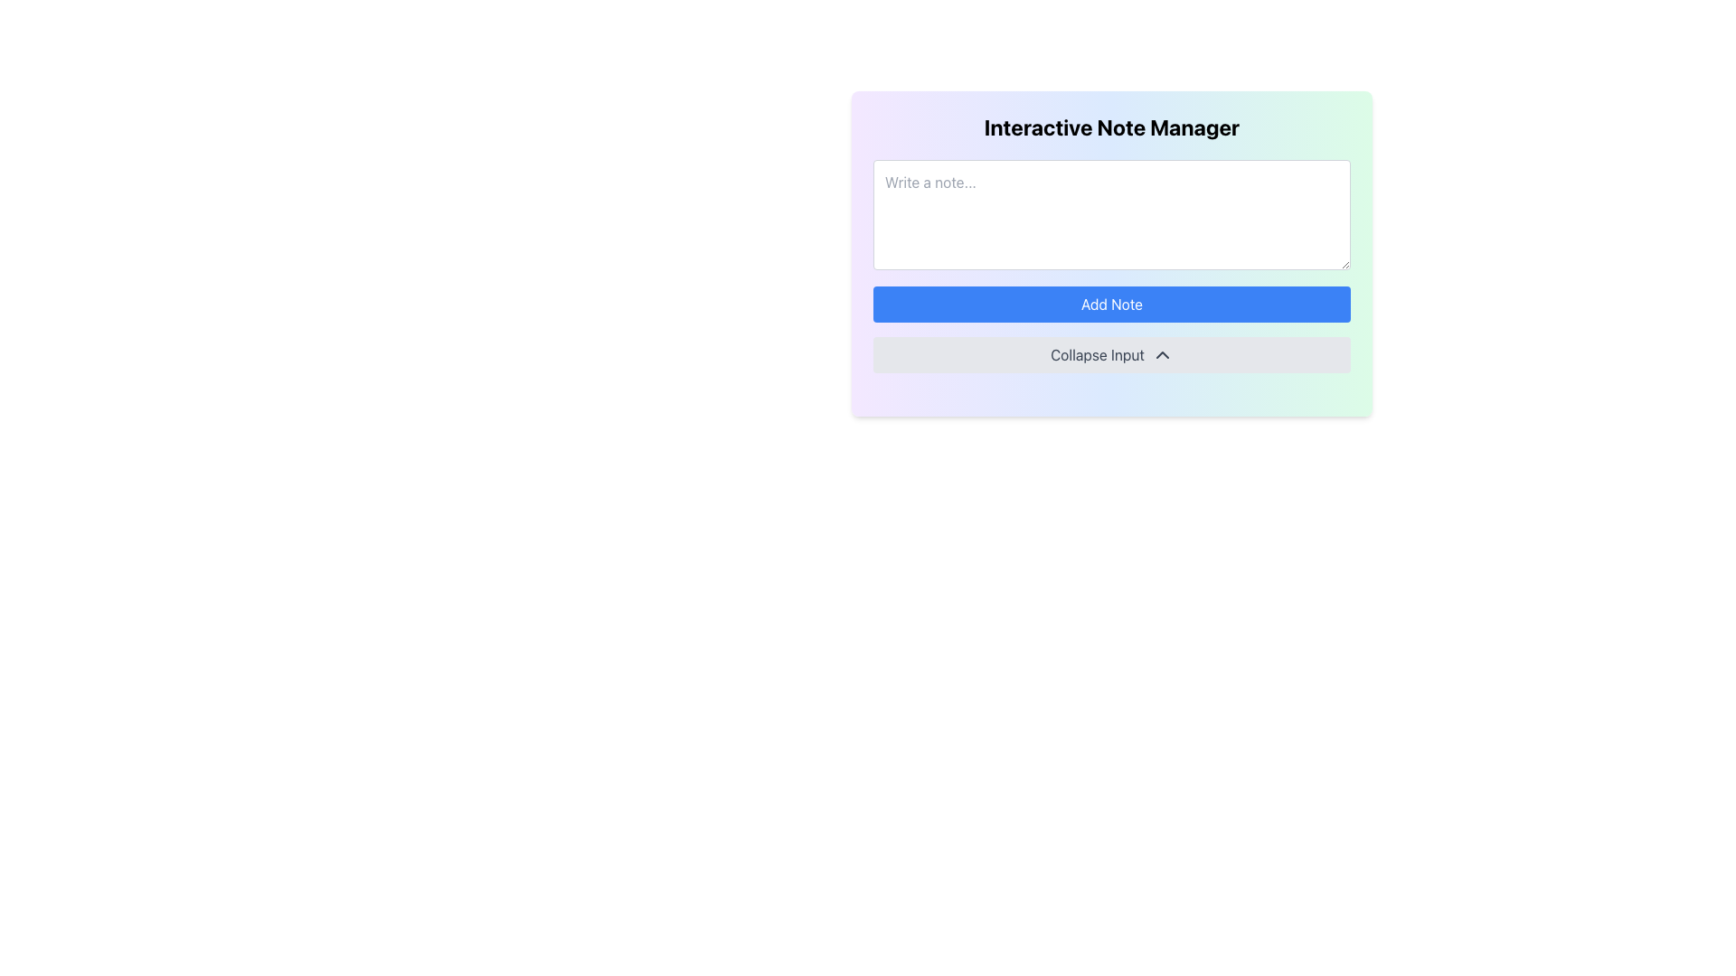 The width and height of the screenshot is (1736, 976). Describe the element at coordinates (1162, 355) in the screenshot. I see `the Chevron-up indicator icon that toggles the visibility of the related input area within the 'Collapse Input' button` at that location.